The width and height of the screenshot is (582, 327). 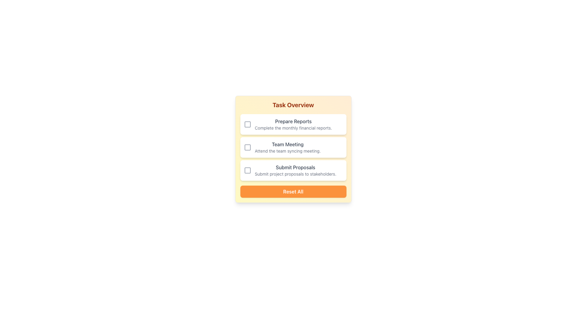 I want to click on the checkbox, which is a square icon with a hollow center and gray border, located in the third row of a vertical task list next to the text 'Submit Proposals', so click(x=247, y=170).